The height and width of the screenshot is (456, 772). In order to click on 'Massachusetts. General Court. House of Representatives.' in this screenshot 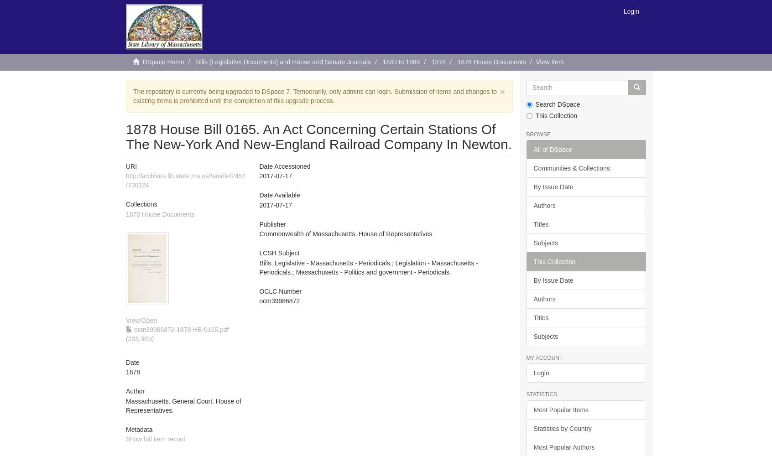, I will do `click(183, 405)`.